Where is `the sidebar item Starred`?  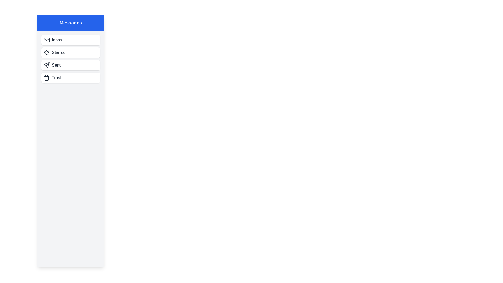
the sidebar item Starred is located at coordinates (70, 52).